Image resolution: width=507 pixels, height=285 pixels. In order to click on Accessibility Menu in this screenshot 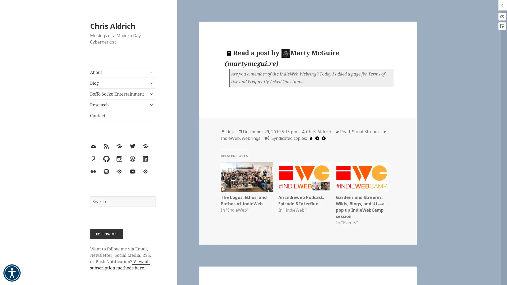, I will do `click(12, 273)`.